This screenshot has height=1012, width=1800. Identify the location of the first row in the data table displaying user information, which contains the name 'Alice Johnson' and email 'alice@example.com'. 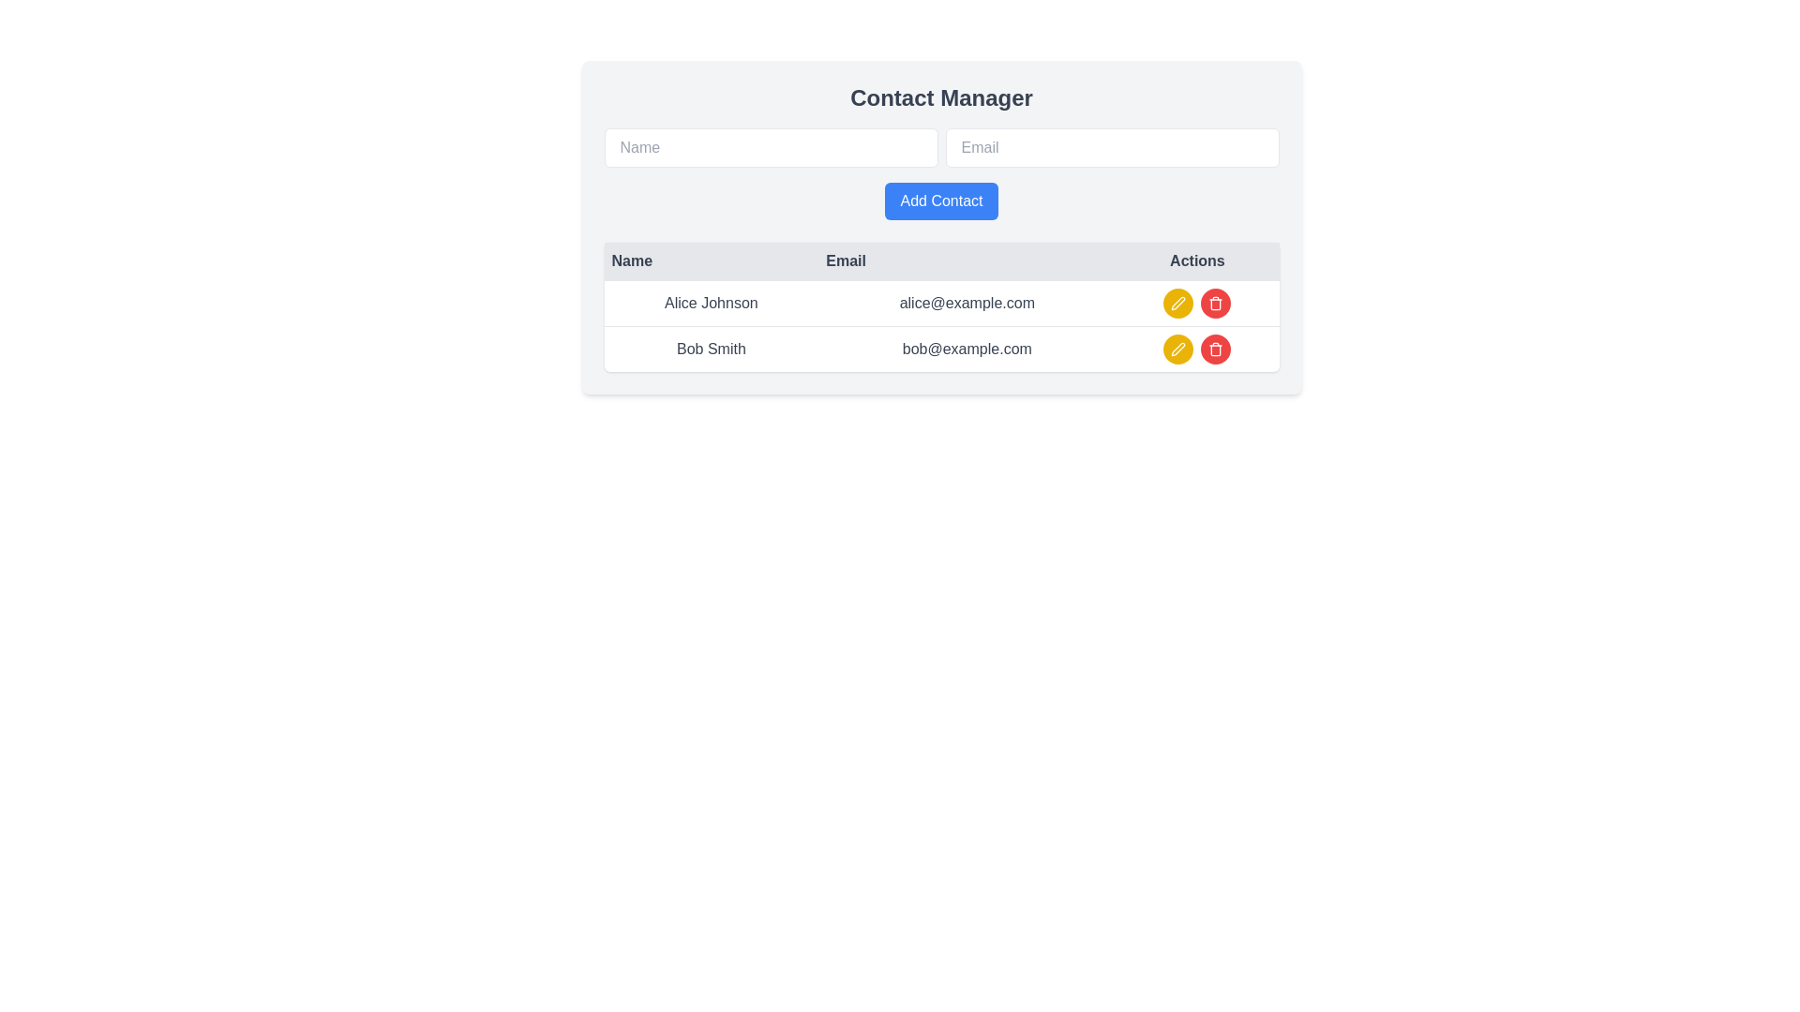
(941, 303).